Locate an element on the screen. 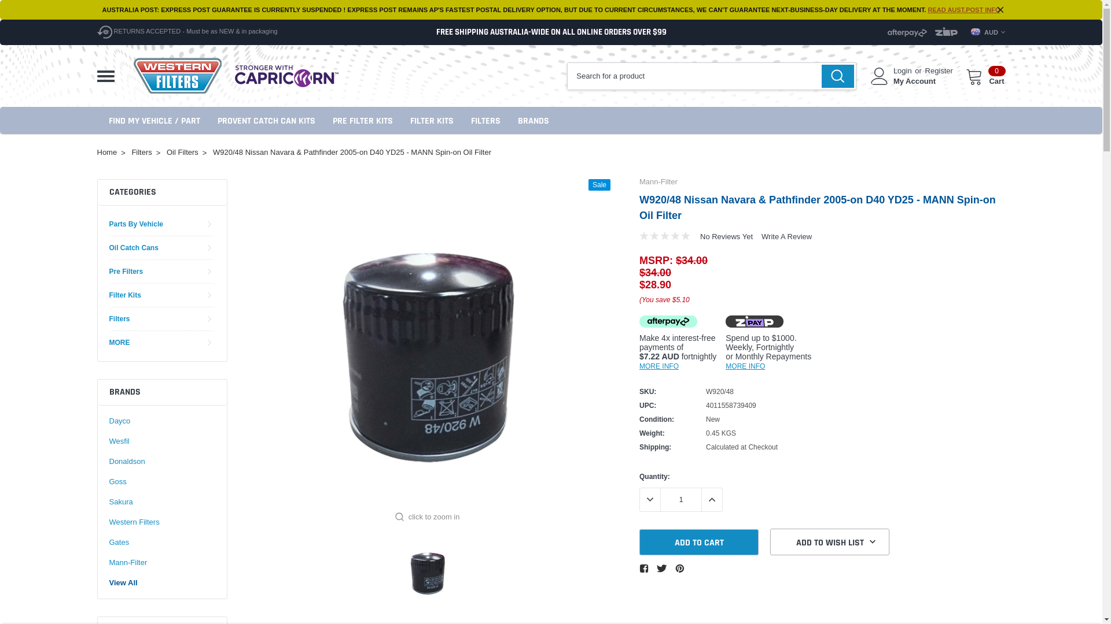  'READ AUST.POST INFO' is located at coordinates (964, 9).